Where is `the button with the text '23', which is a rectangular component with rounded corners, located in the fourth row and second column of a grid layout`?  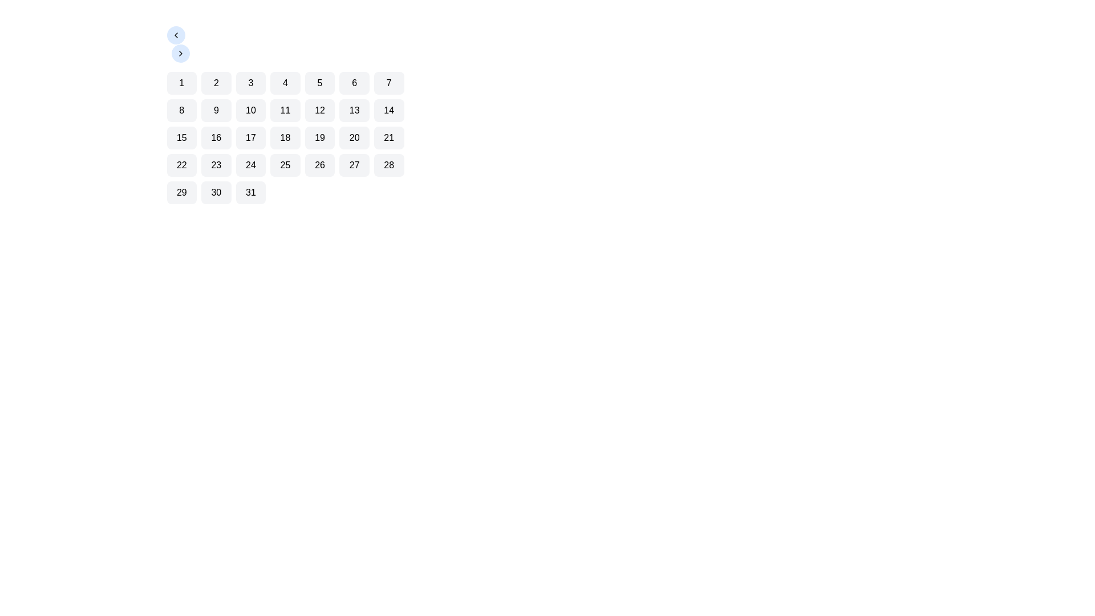
the button with the text '23', which is a rectangular component with rounded corners, located in the fourth row and second column of a grid layout is located at coordinates (216, 165).